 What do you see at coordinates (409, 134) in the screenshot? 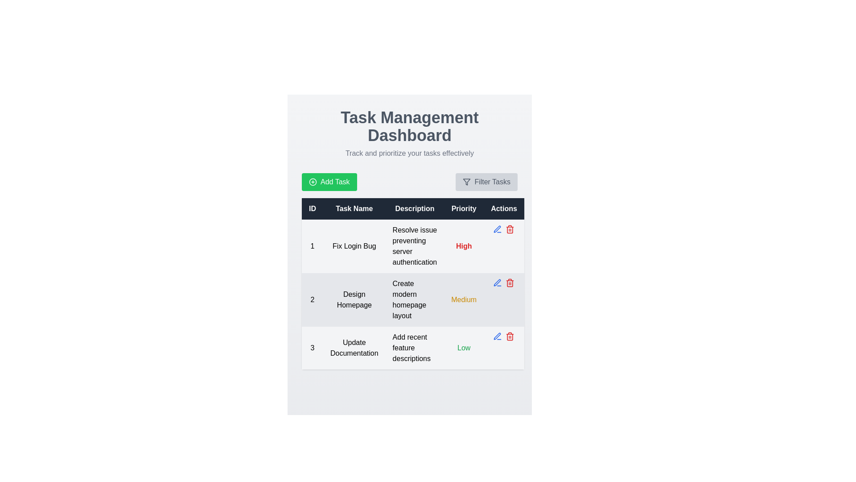
I see `the Header titled 'Task Management Dashboard' which includes a subtitle 'Track and prioritize your tasks effectively' at the top of the interface` at bounding box center [409, 134].